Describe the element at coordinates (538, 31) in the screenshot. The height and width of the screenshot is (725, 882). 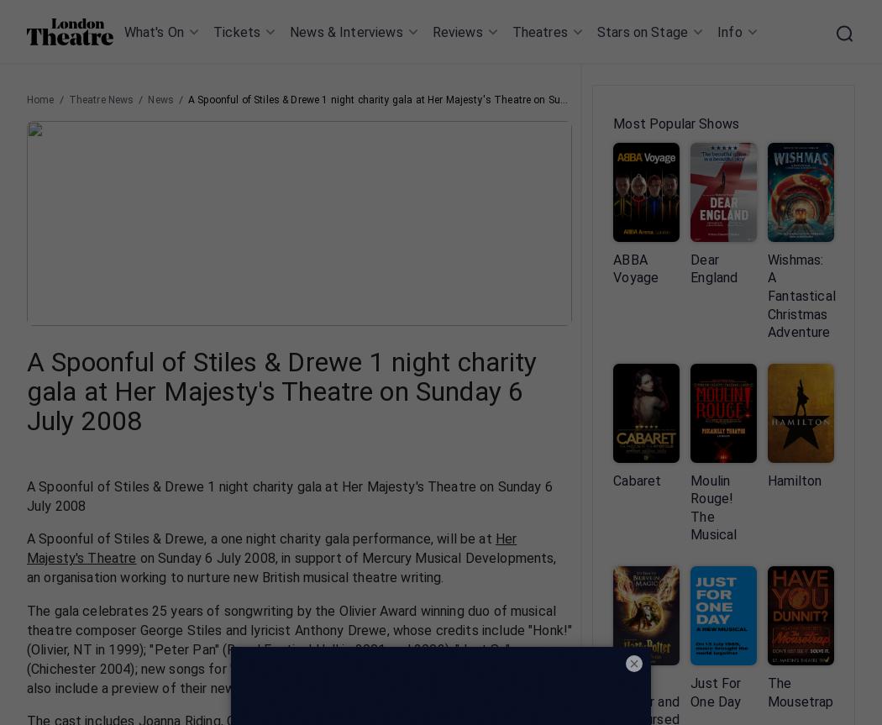
I see `'Theatres'` at that location.